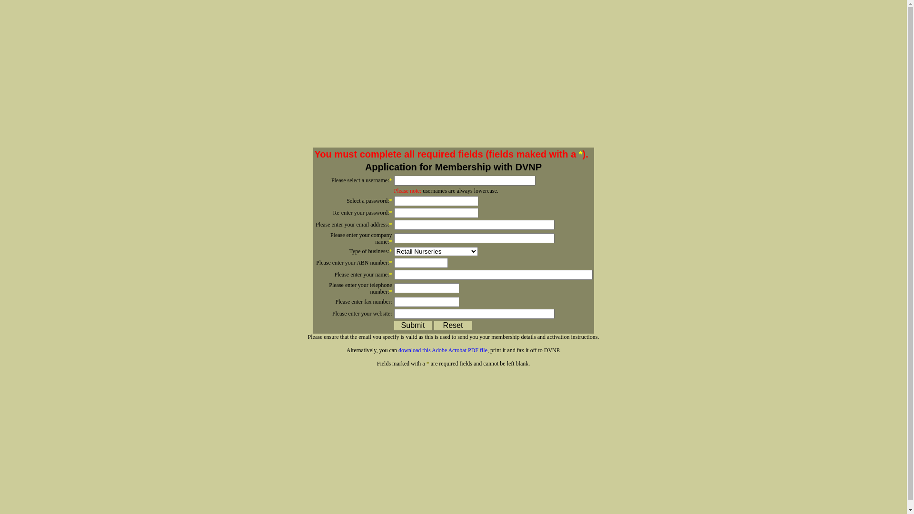 Image resolution: width=914 pixels, height=514 pixels. I want to click on 'download this Adobe Acrobat PDF file', so click(442, 350).